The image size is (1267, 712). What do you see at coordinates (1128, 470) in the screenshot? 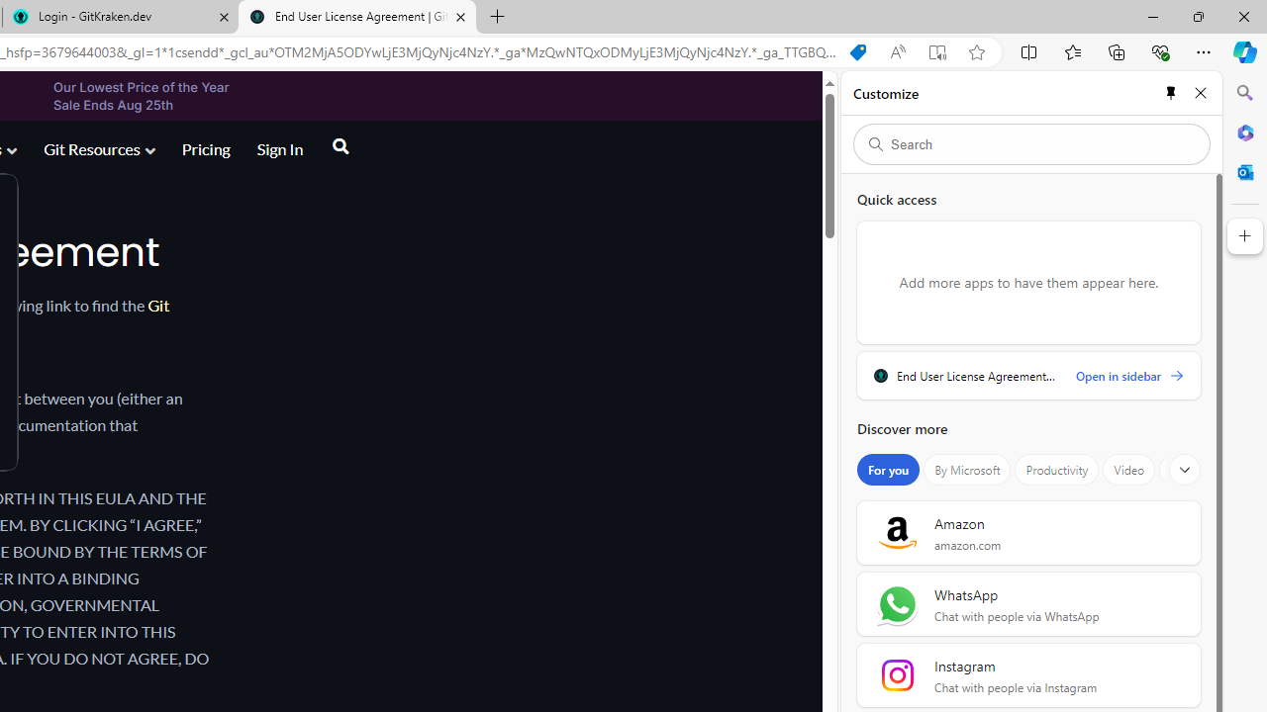
I see `'Video'` at bounding box center [1128, 470].